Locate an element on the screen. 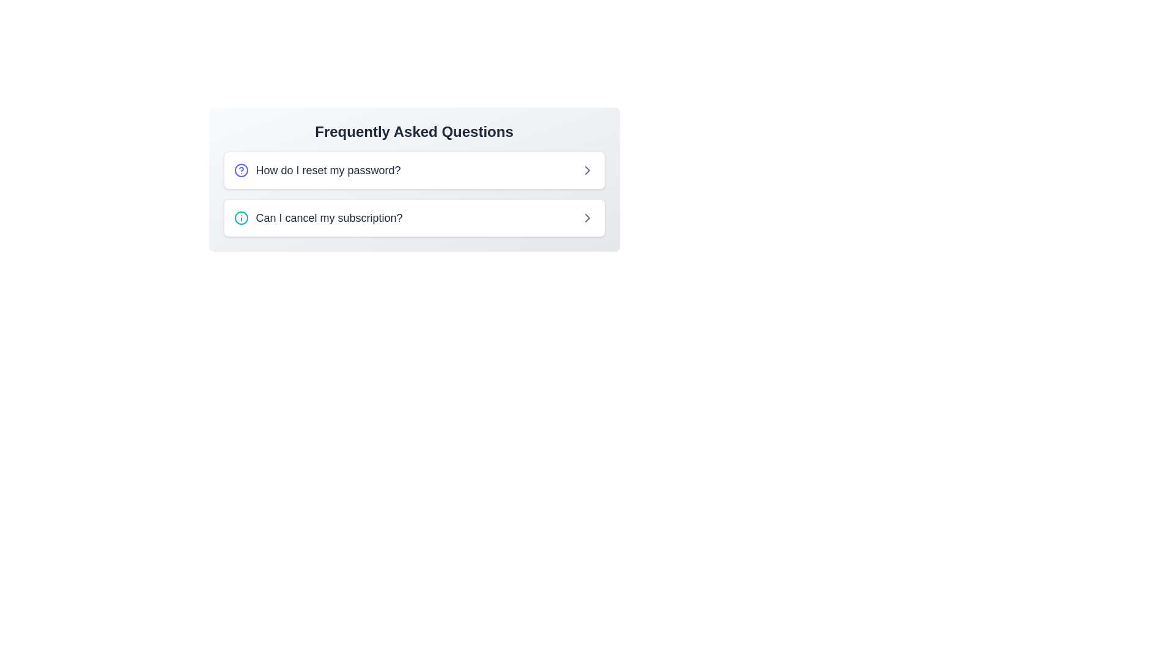 The height and width of the screenshot is (660, 1174). the first FAQ entry which is a list item with associated text and icon is located at coordinates (317, 170).